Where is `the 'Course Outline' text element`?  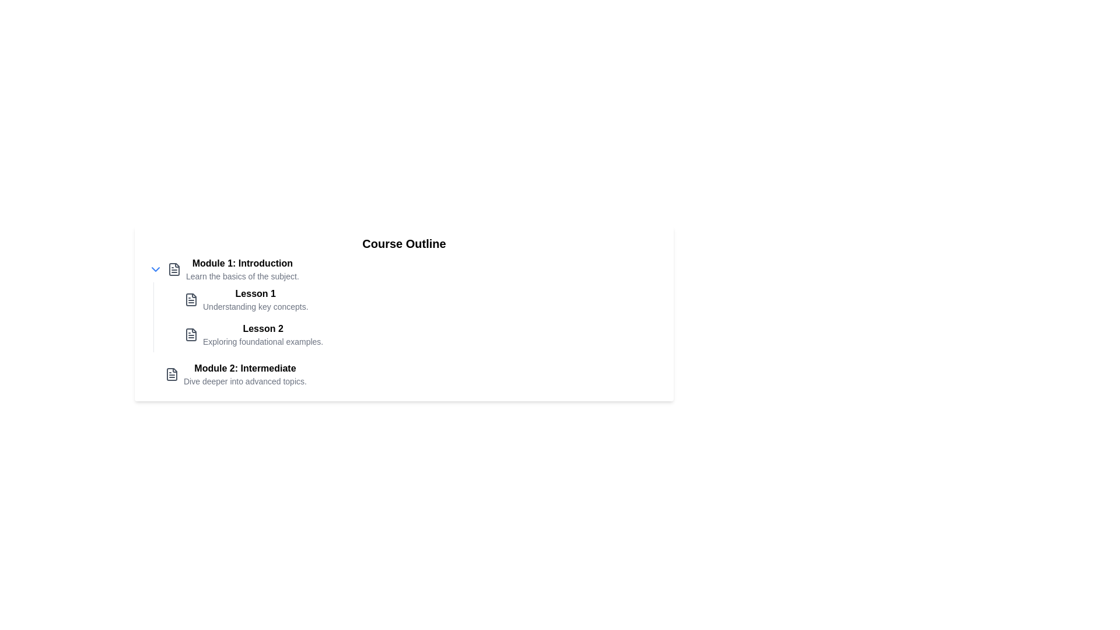
the 'Course Outline' text element is located at coordinates (404, 243).